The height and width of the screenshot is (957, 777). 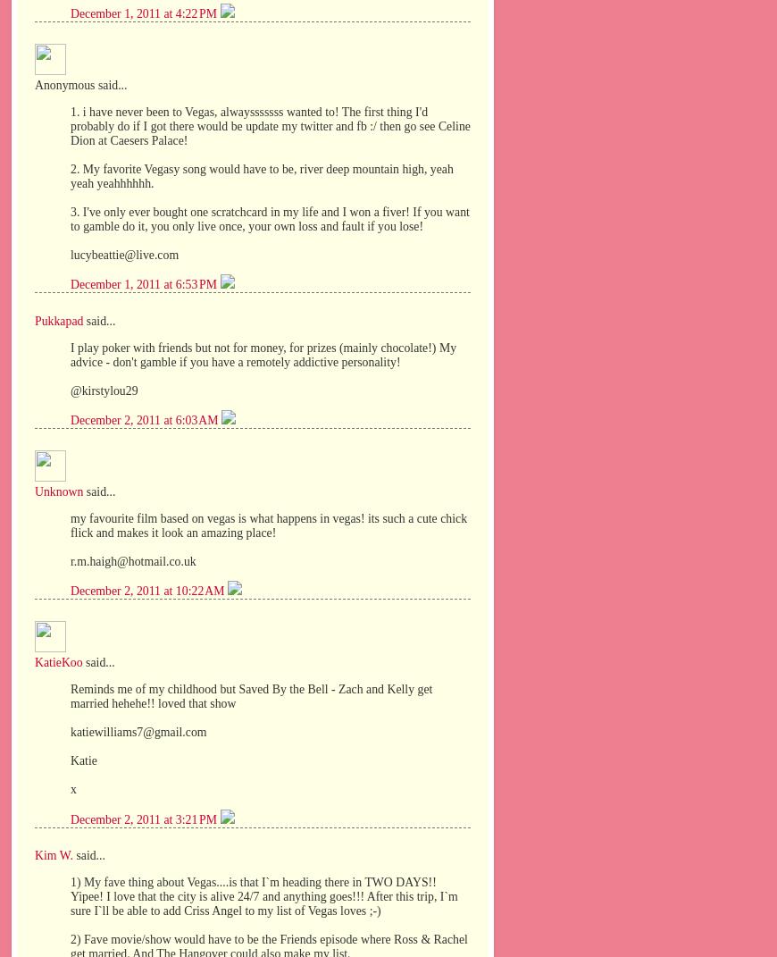 I want to click on 'Unknown', so click(x=58, y=491).